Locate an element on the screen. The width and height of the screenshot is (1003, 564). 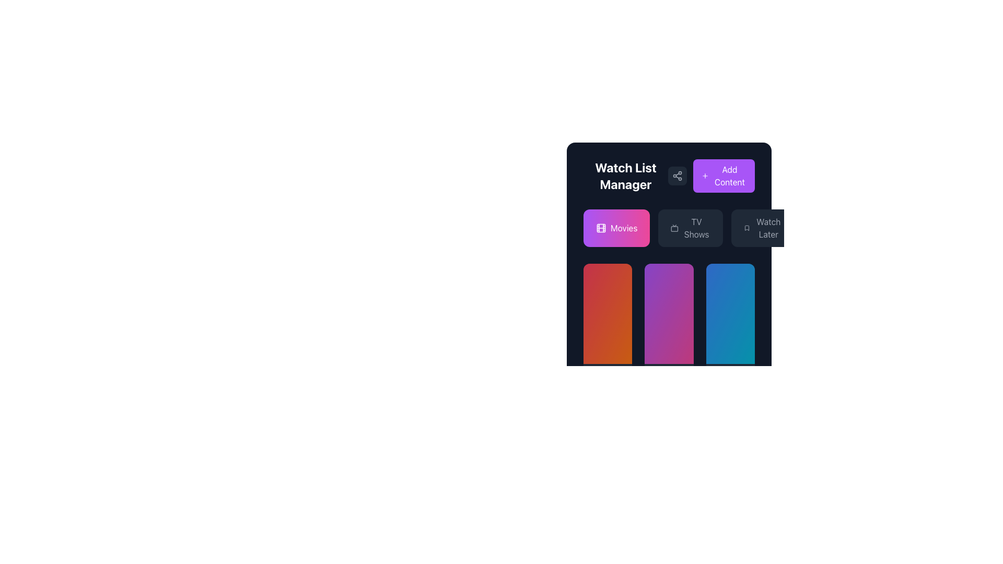
the share button, which is a rectangular button with rounded corners and a dark background, located to the left of the 'Add Content' button in the toolbar under the 'Watch List Manager' heading is located at coordinates (677, 175).